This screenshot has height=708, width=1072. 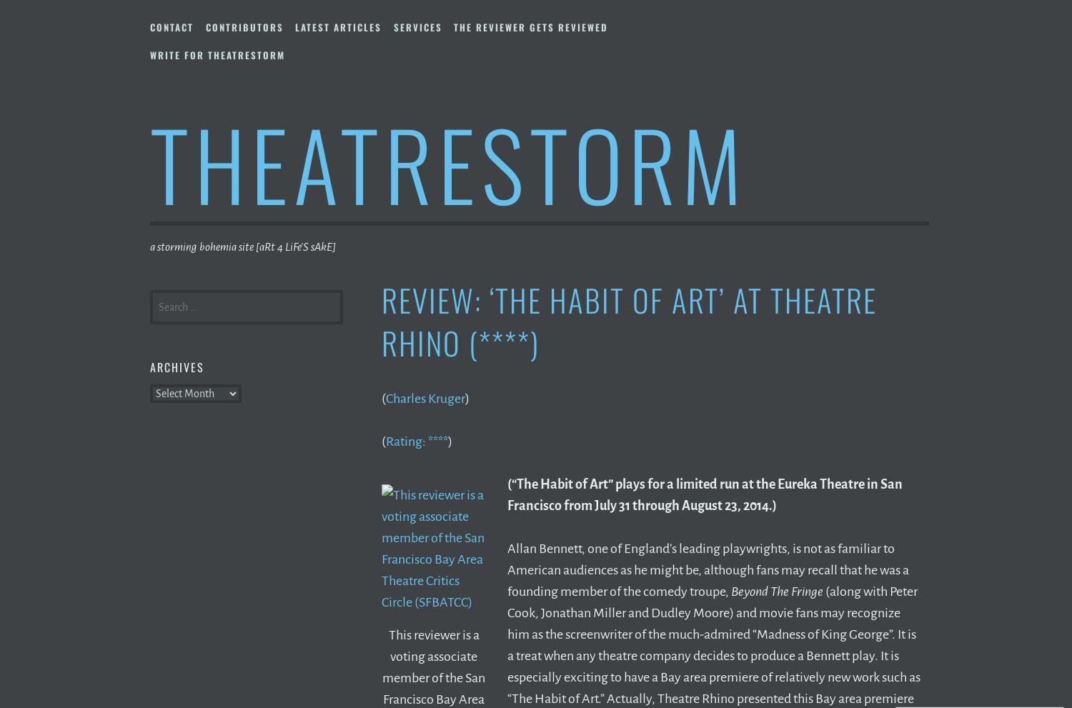 What do you see at coordinates (425, 397) in the screenshot?
I see `'Charles Kruger'` at bounding box center [425, 397].